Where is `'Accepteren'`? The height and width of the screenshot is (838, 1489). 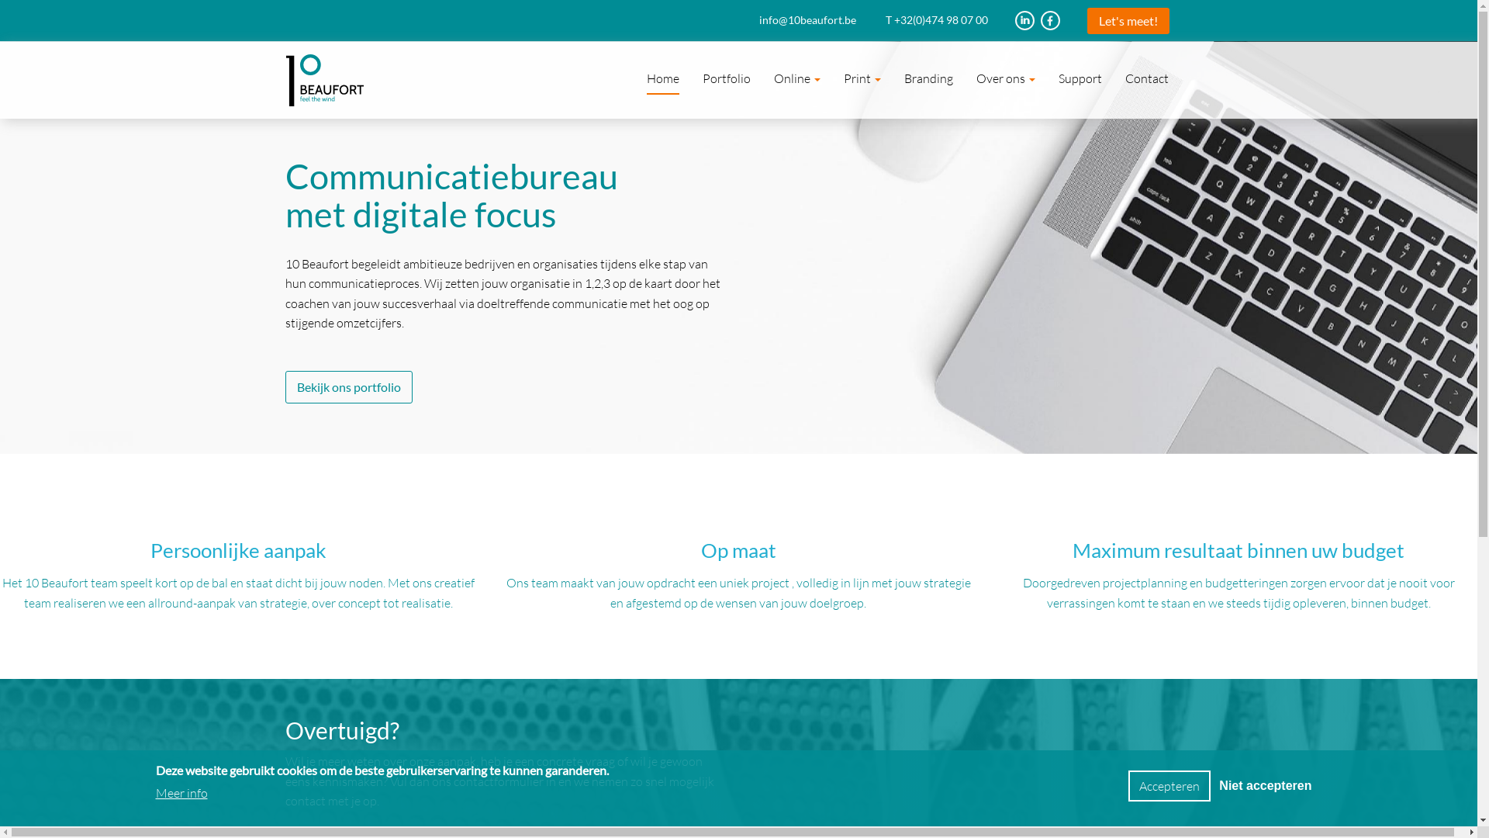 'Accepteren' is located at coordinates (1169, 786).